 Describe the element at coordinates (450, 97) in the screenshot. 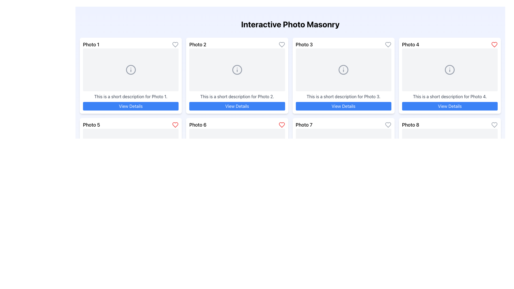

I see `the static text label stating 'This is a short description for Photo 4.' which is positioned directly below the image display area and above the 'View Details' button within the 'Photo 4' card` at that location.